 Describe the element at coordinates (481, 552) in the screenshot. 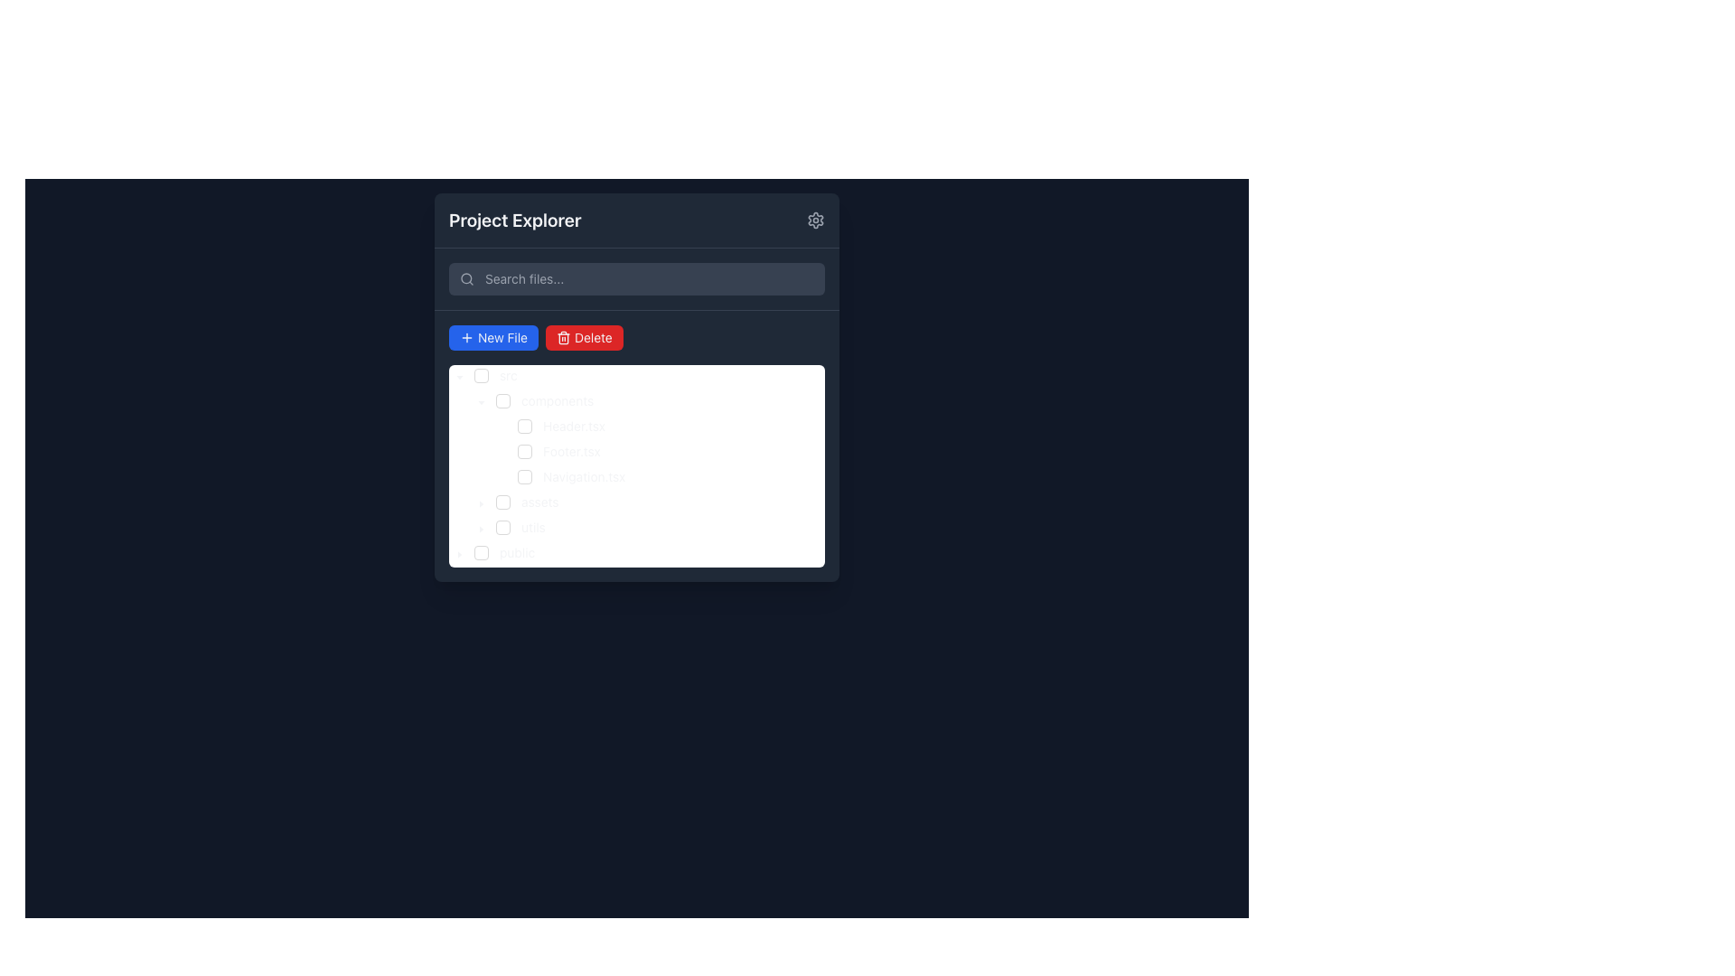

I see `the checkbox associated with the 'public' node in the project explorer tree for a potential tooltip` at that location.